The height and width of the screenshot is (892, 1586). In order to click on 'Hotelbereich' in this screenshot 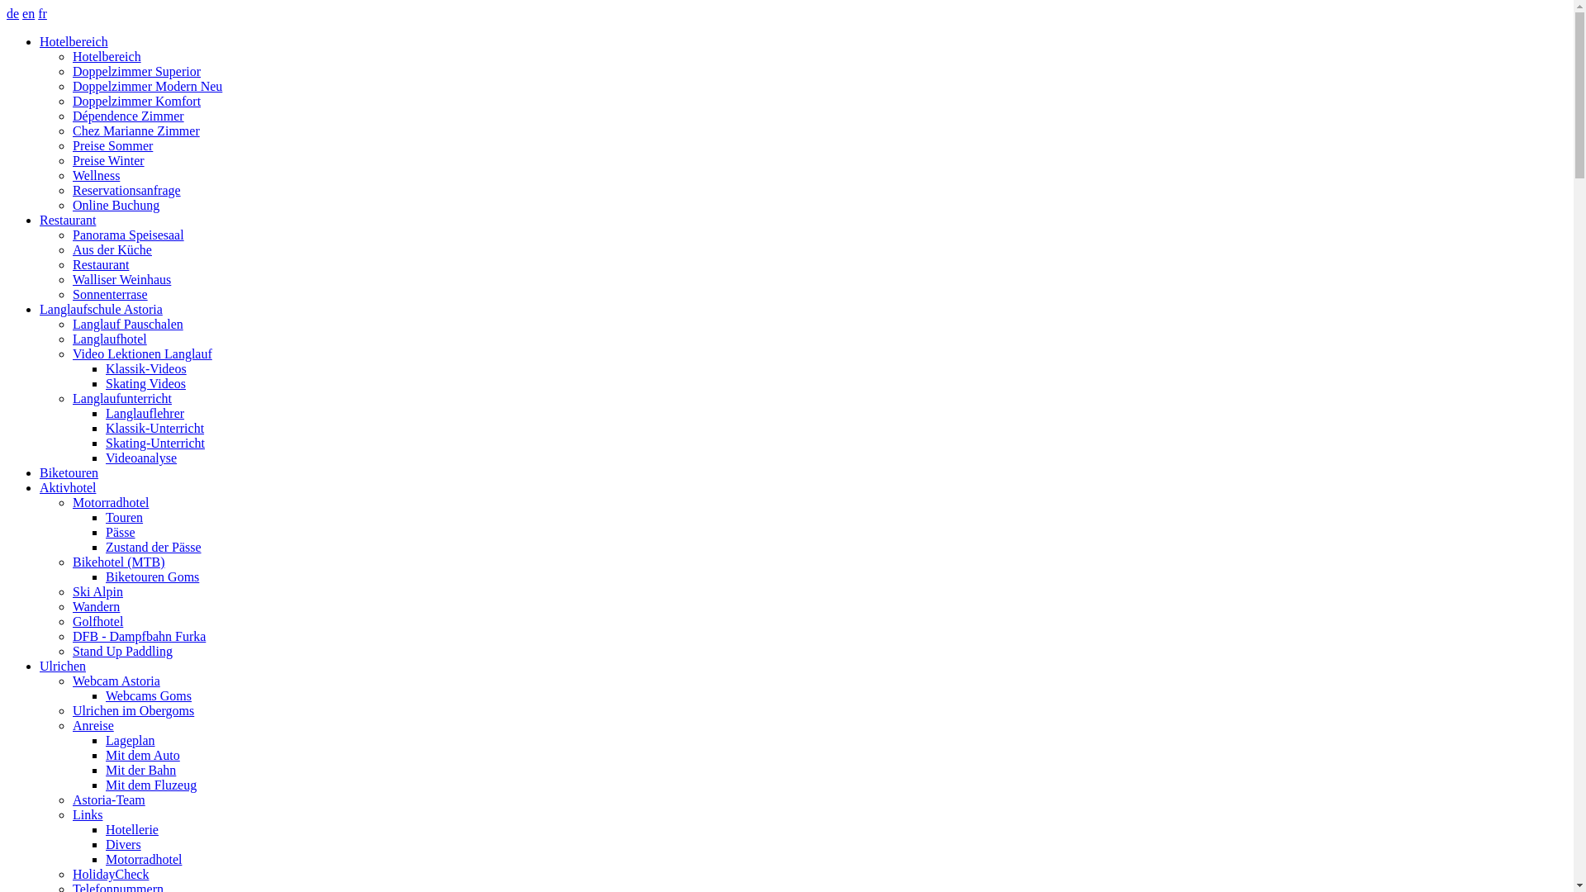, I will do `click(40, 40)`.